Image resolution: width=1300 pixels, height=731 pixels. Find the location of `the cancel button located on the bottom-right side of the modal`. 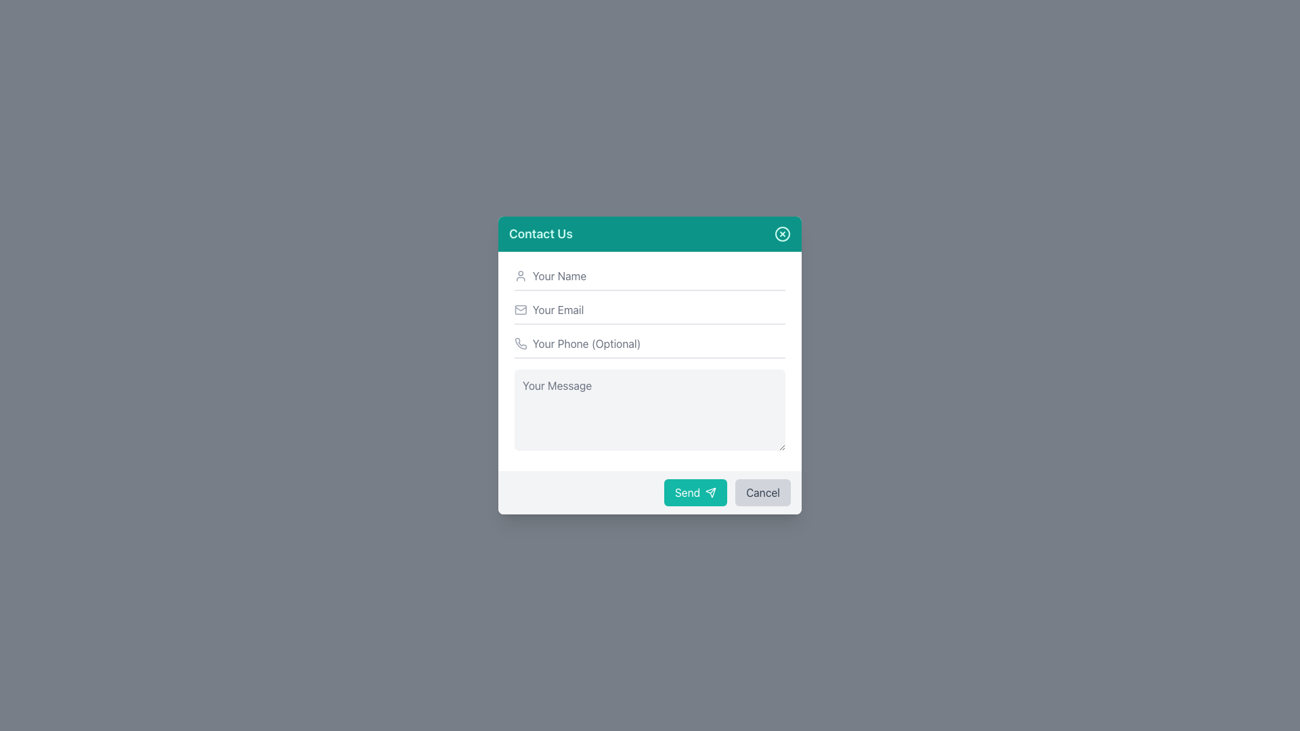

the cancel button located on the bottom-right side of the modal is located at coordinates (763, 493).